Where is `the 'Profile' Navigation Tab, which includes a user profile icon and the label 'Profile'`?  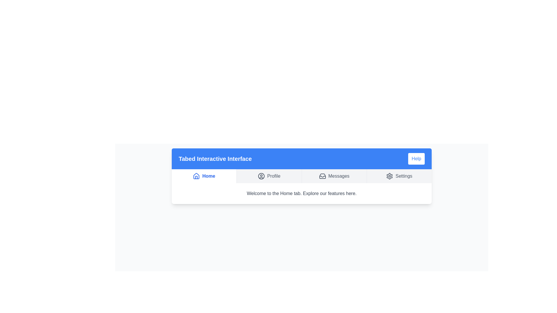
the 'Profile' Navigation Tab, which includes a user profile icon and the label 'Profile' is located at coordinates (269, 176).